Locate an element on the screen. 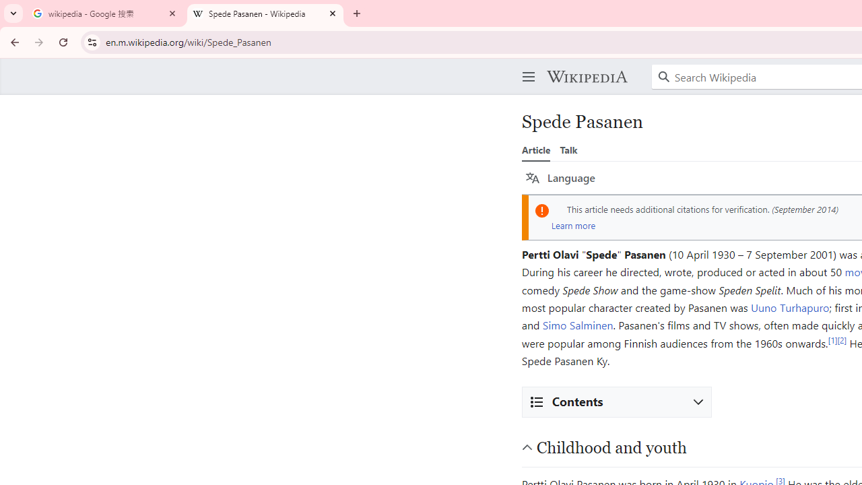  'Talk' is located at coordinates (568, 150).